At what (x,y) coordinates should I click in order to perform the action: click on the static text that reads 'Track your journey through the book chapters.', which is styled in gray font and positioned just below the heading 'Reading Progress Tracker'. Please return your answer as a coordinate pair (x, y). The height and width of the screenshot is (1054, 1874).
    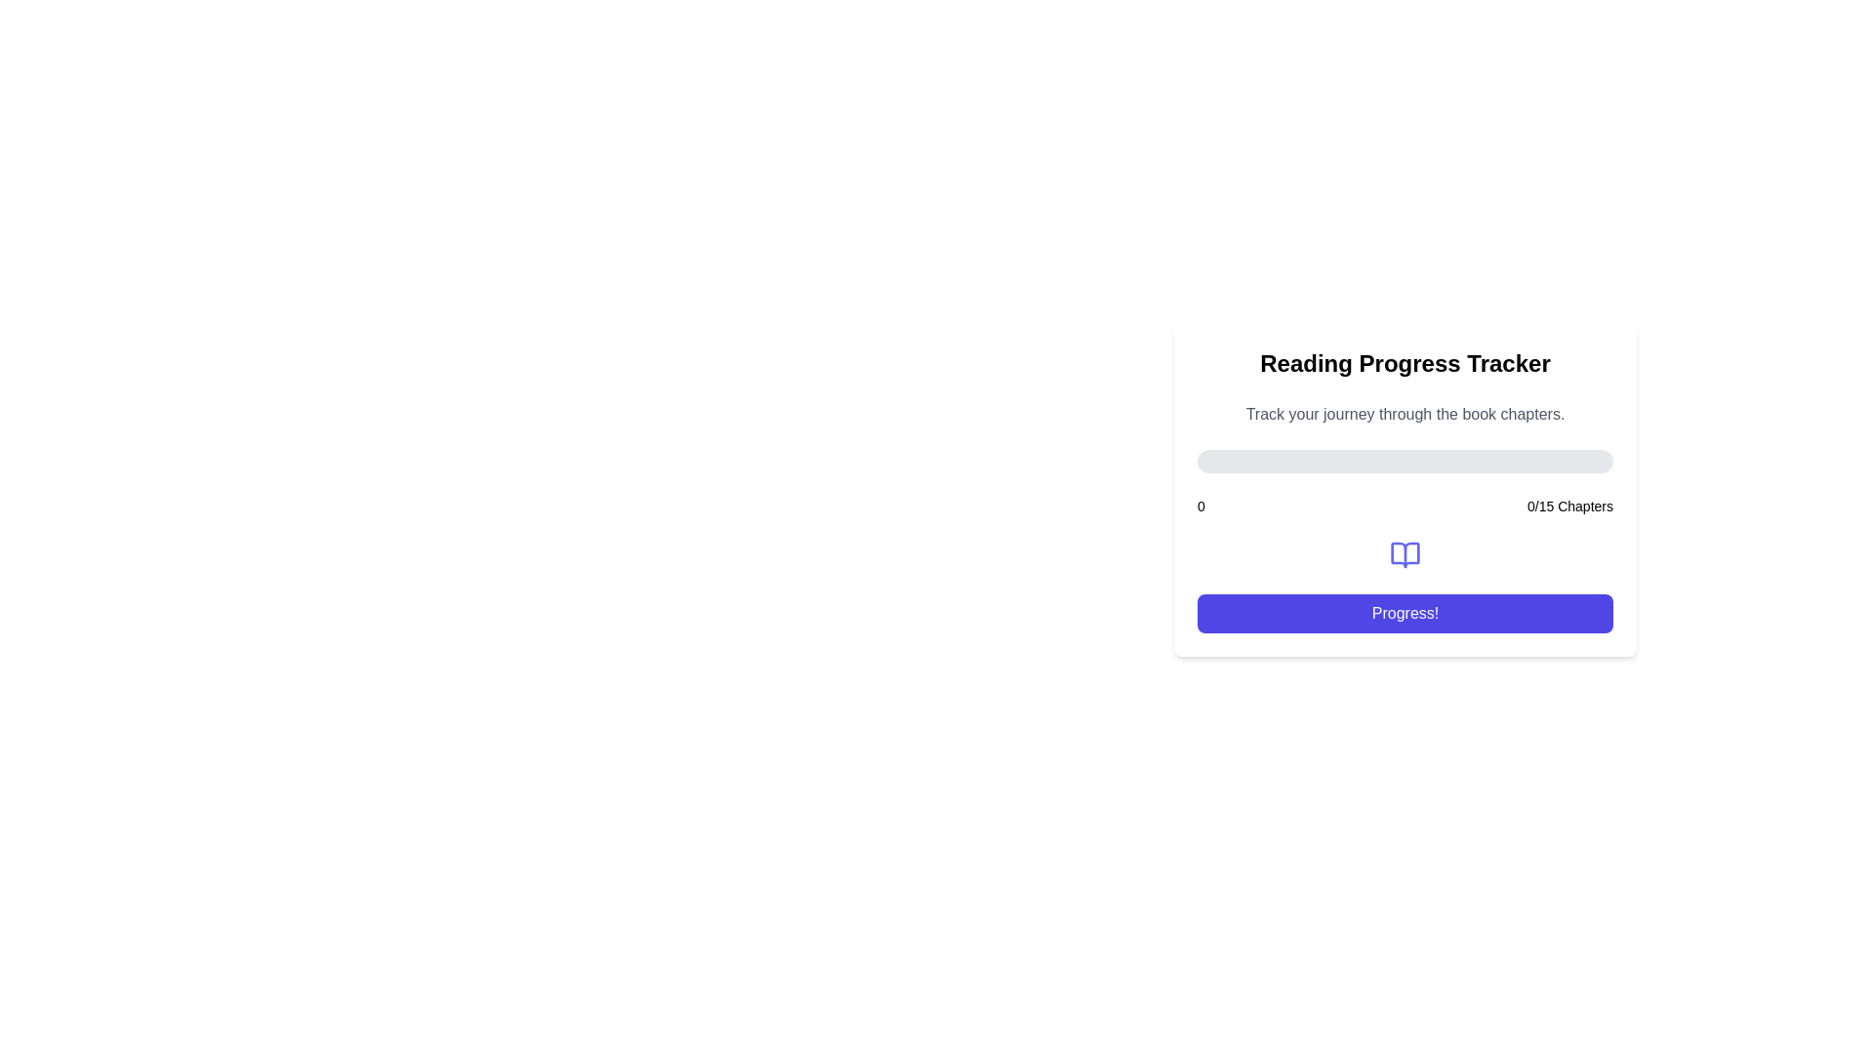
    Looking at the image, I should click on (1405, 413).